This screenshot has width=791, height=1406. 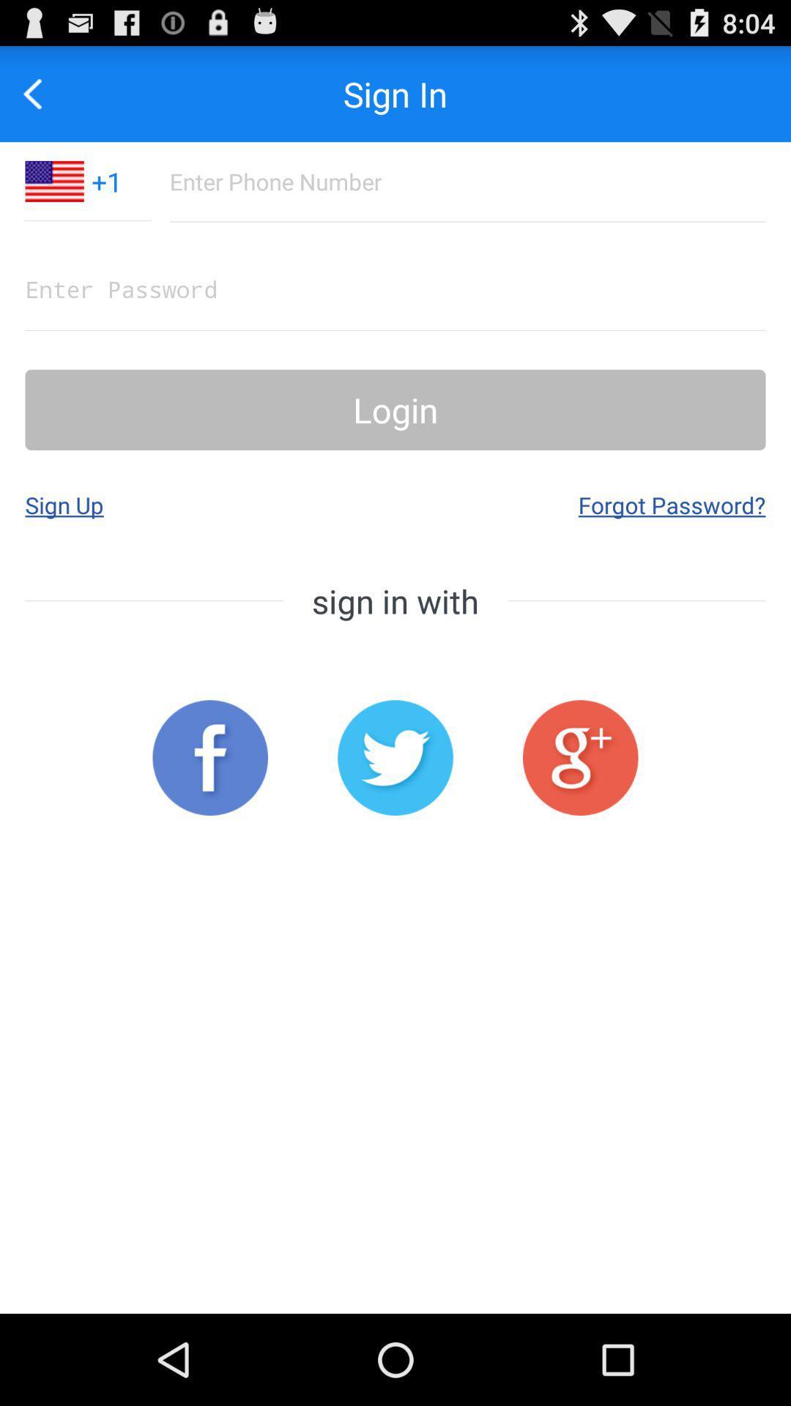 What do you see at coordinates (53, 180) in the screenshot?
I see `the app next to the +1 item` at bounding box center [53, 180].